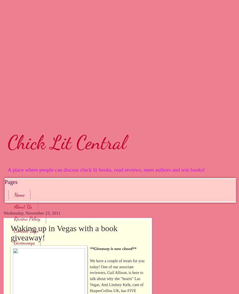  Describe the element at coordinates (113, 248) in the screenshot. I see `'**Giveaway is now closed**'` at that location.